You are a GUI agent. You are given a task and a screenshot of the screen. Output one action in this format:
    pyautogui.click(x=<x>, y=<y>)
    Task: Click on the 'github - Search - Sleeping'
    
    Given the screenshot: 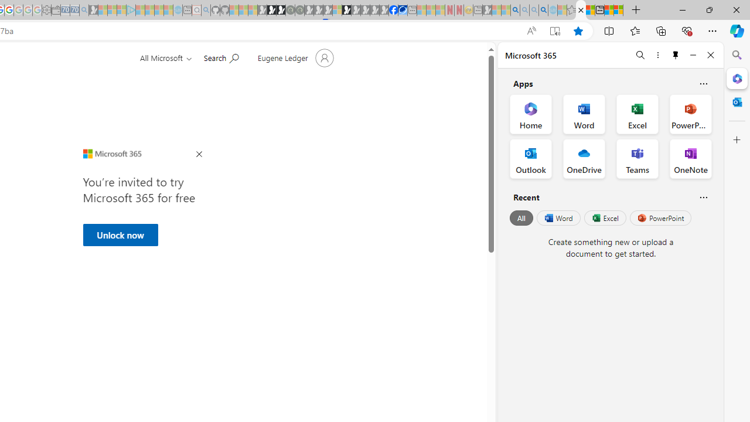 What is the action you would take?
    pyautogui.click(x=206, y=10)
    